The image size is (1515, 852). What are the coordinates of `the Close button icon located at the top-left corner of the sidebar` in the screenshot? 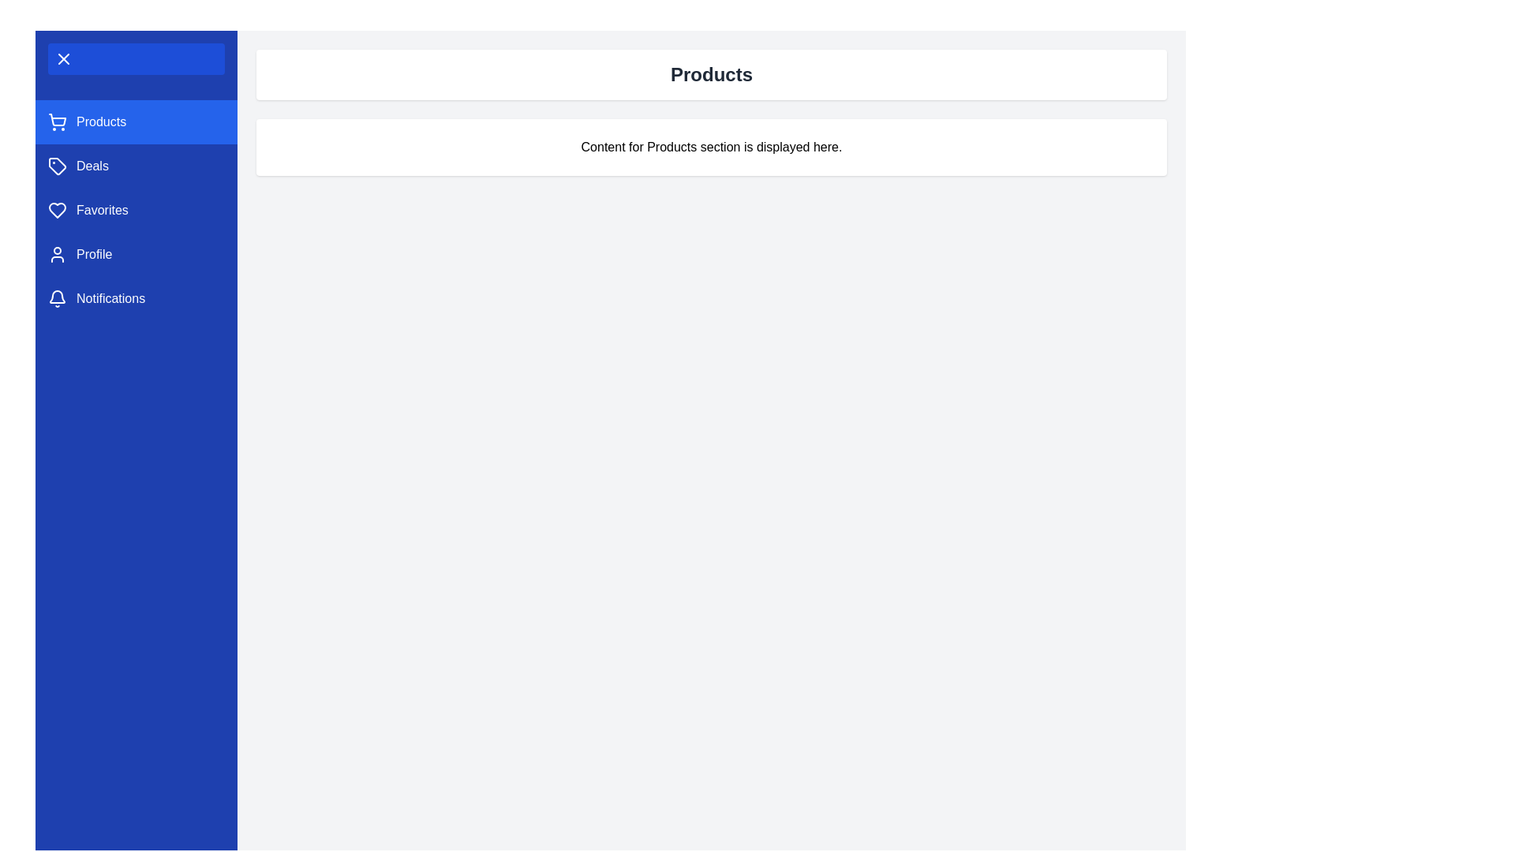 It's located at (63, 58).